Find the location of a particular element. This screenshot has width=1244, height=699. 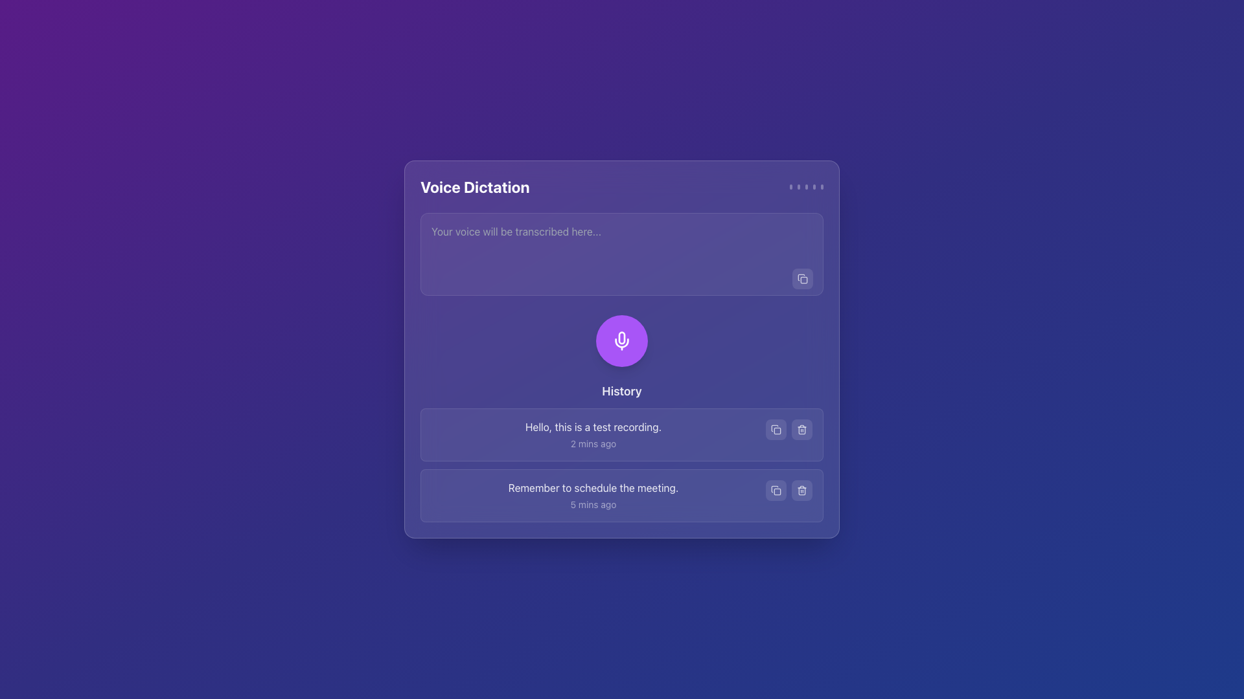

the compact icon button displaying two overlapping squares, located in the second entry of the 'History' section on the right side is located at coordinates (776, 429).